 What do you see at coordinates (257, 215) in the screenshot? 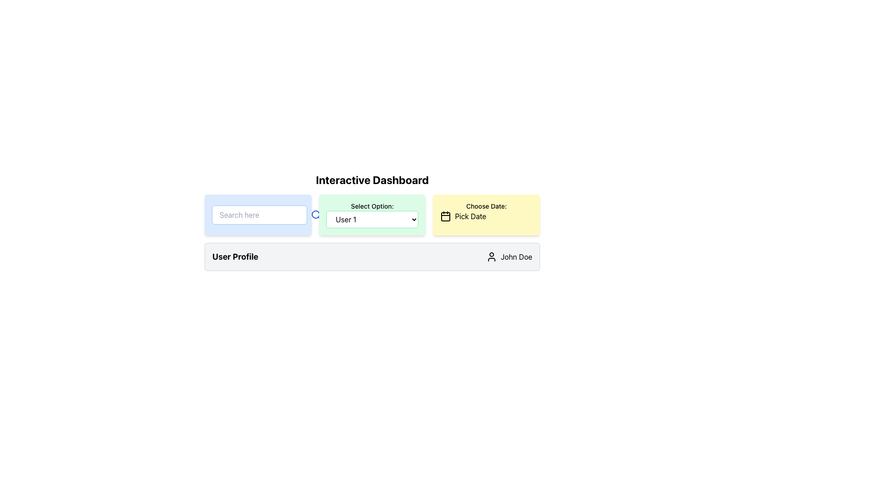
I see `the first text input field on the dashboard, which has a placeholder 'Search here'` at bounding box center [257, 215].